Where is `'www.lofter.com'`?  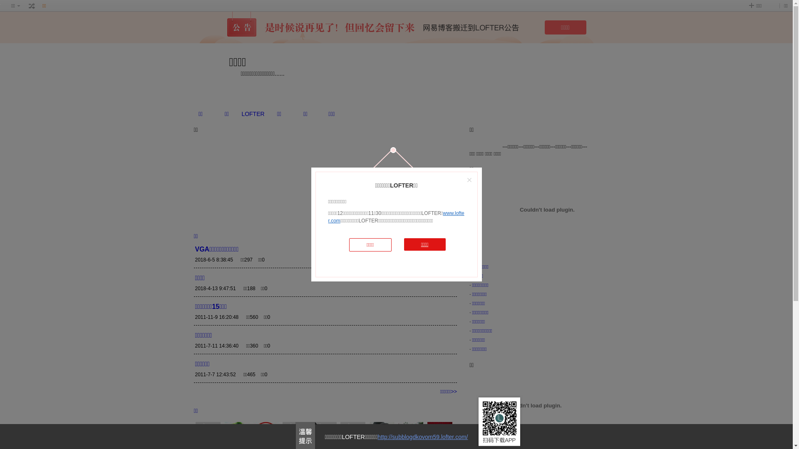
'www.lofter.com' is located at coordinates (395, 216).